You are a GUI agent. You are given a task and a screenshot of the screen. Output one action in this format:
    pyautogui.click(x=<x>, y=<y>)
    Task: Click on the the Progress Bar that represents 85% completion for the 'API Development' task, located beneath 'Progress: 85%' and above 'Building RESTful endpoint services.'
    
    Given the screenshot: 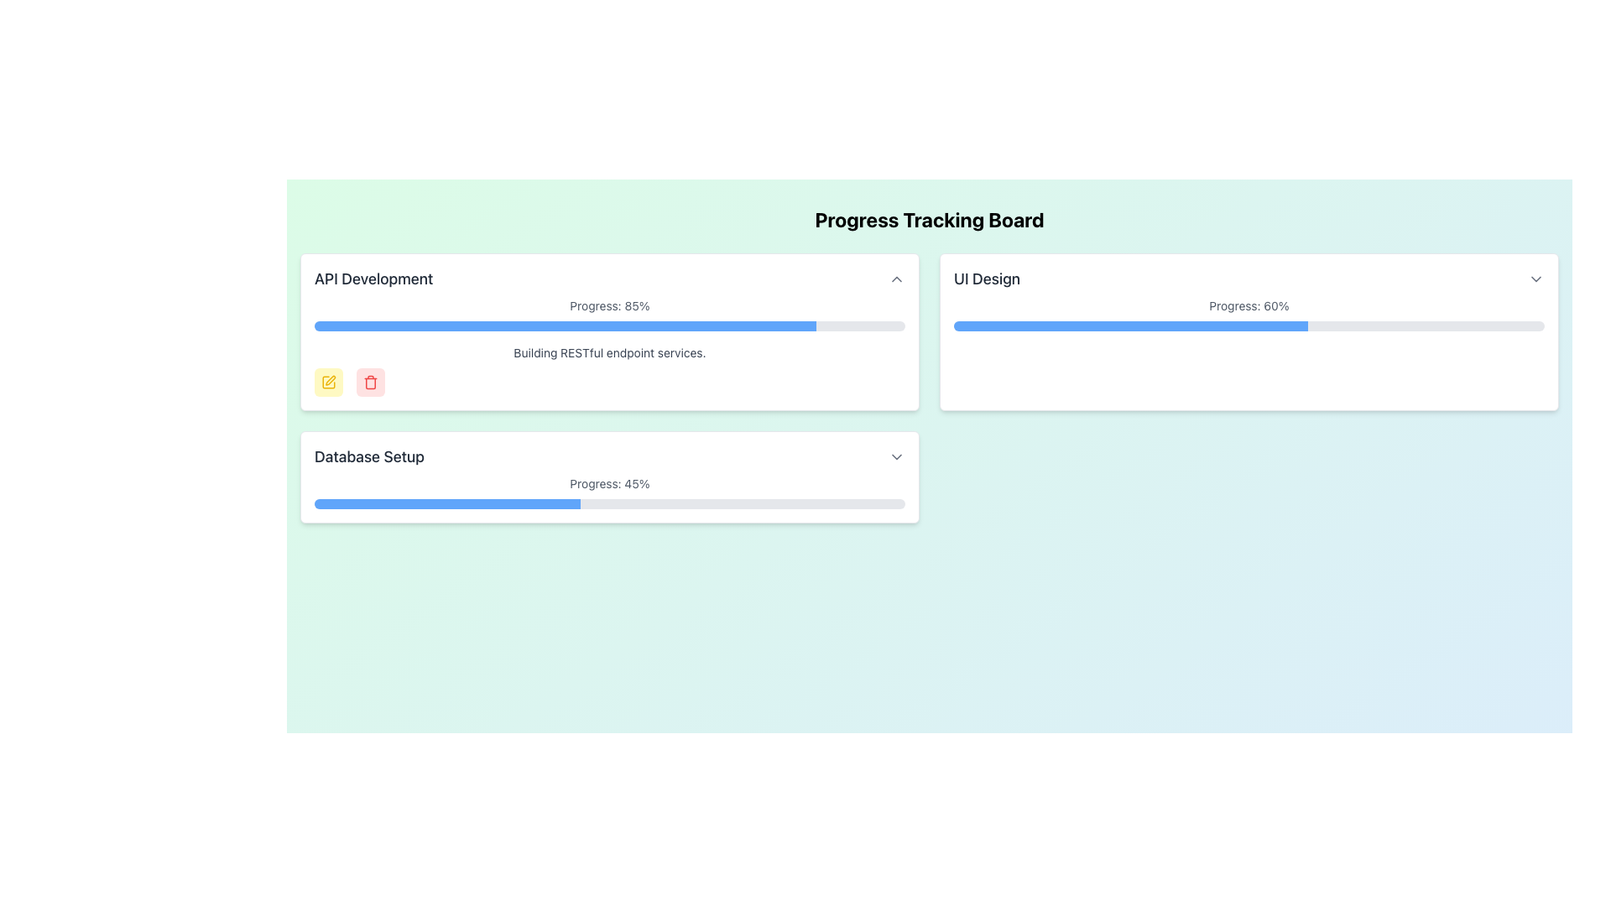 What is the action you would take?
    pyautogui.click(x=608, y=326)
    